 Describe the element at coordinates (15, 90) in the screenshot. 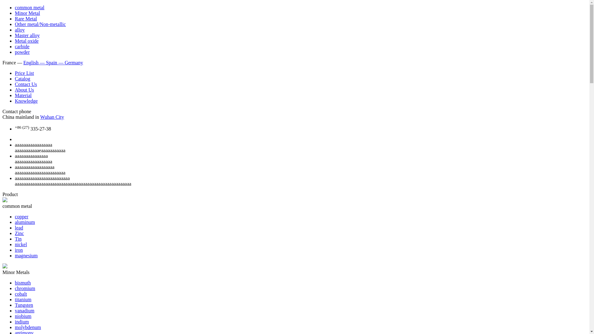

I see `'About Us'` at that location.